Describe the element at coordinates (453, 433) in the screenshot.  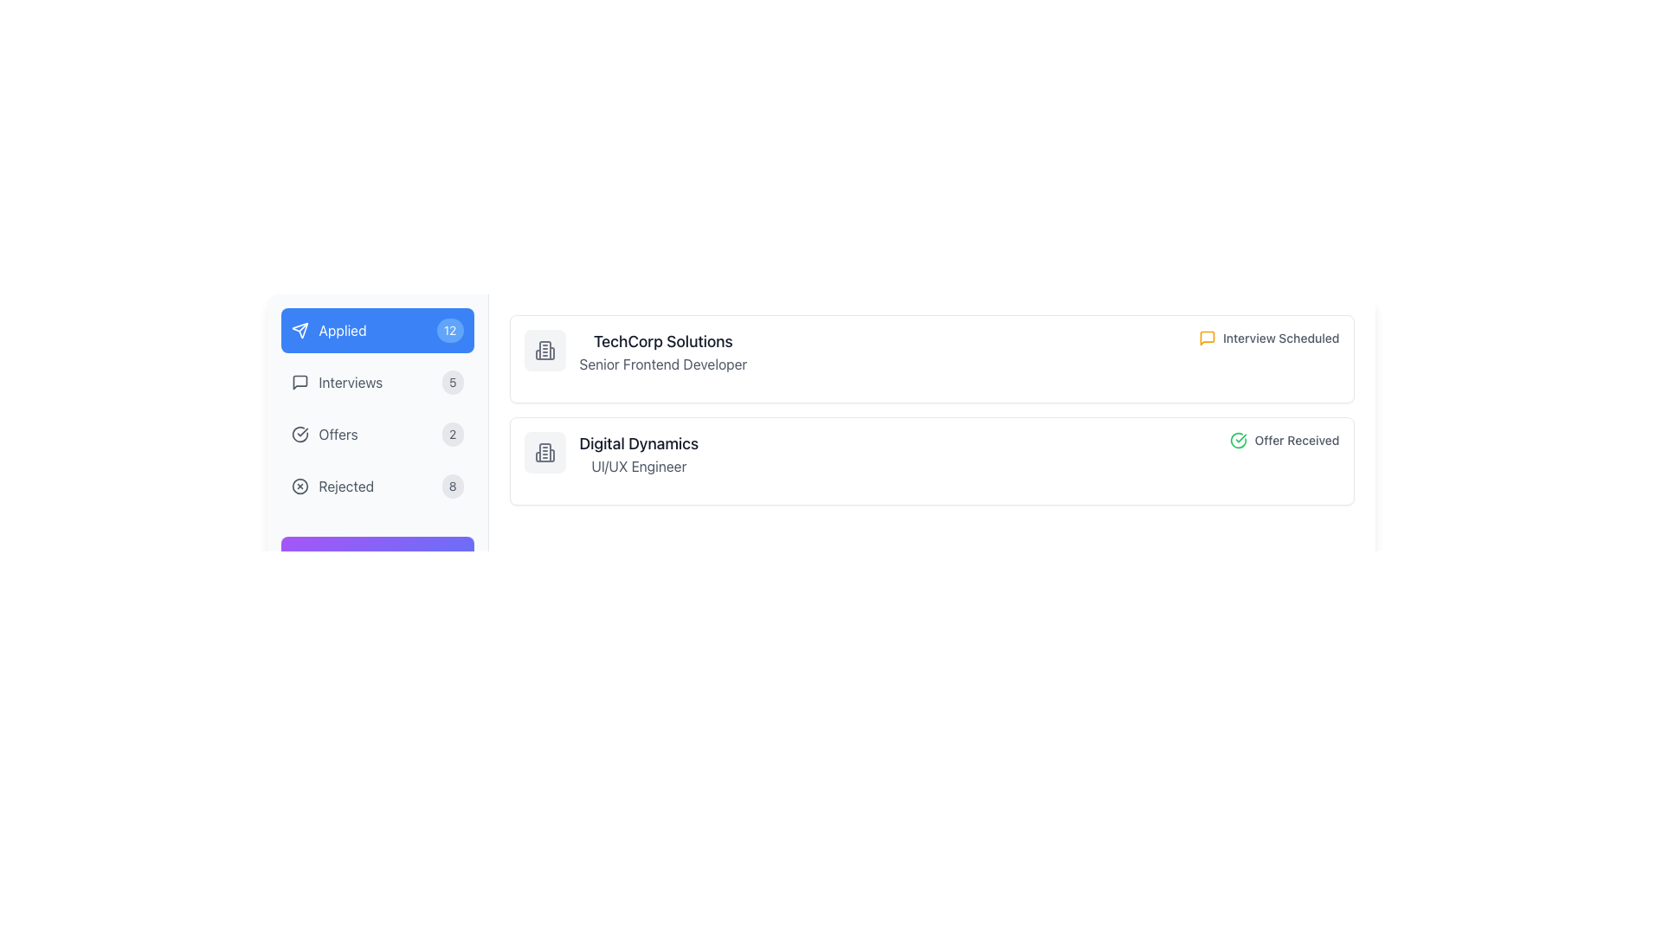
I see `the notification badge displaying the number '2', which is part of the 'Offers' sidebar option, located to the far right of the row` at that location.